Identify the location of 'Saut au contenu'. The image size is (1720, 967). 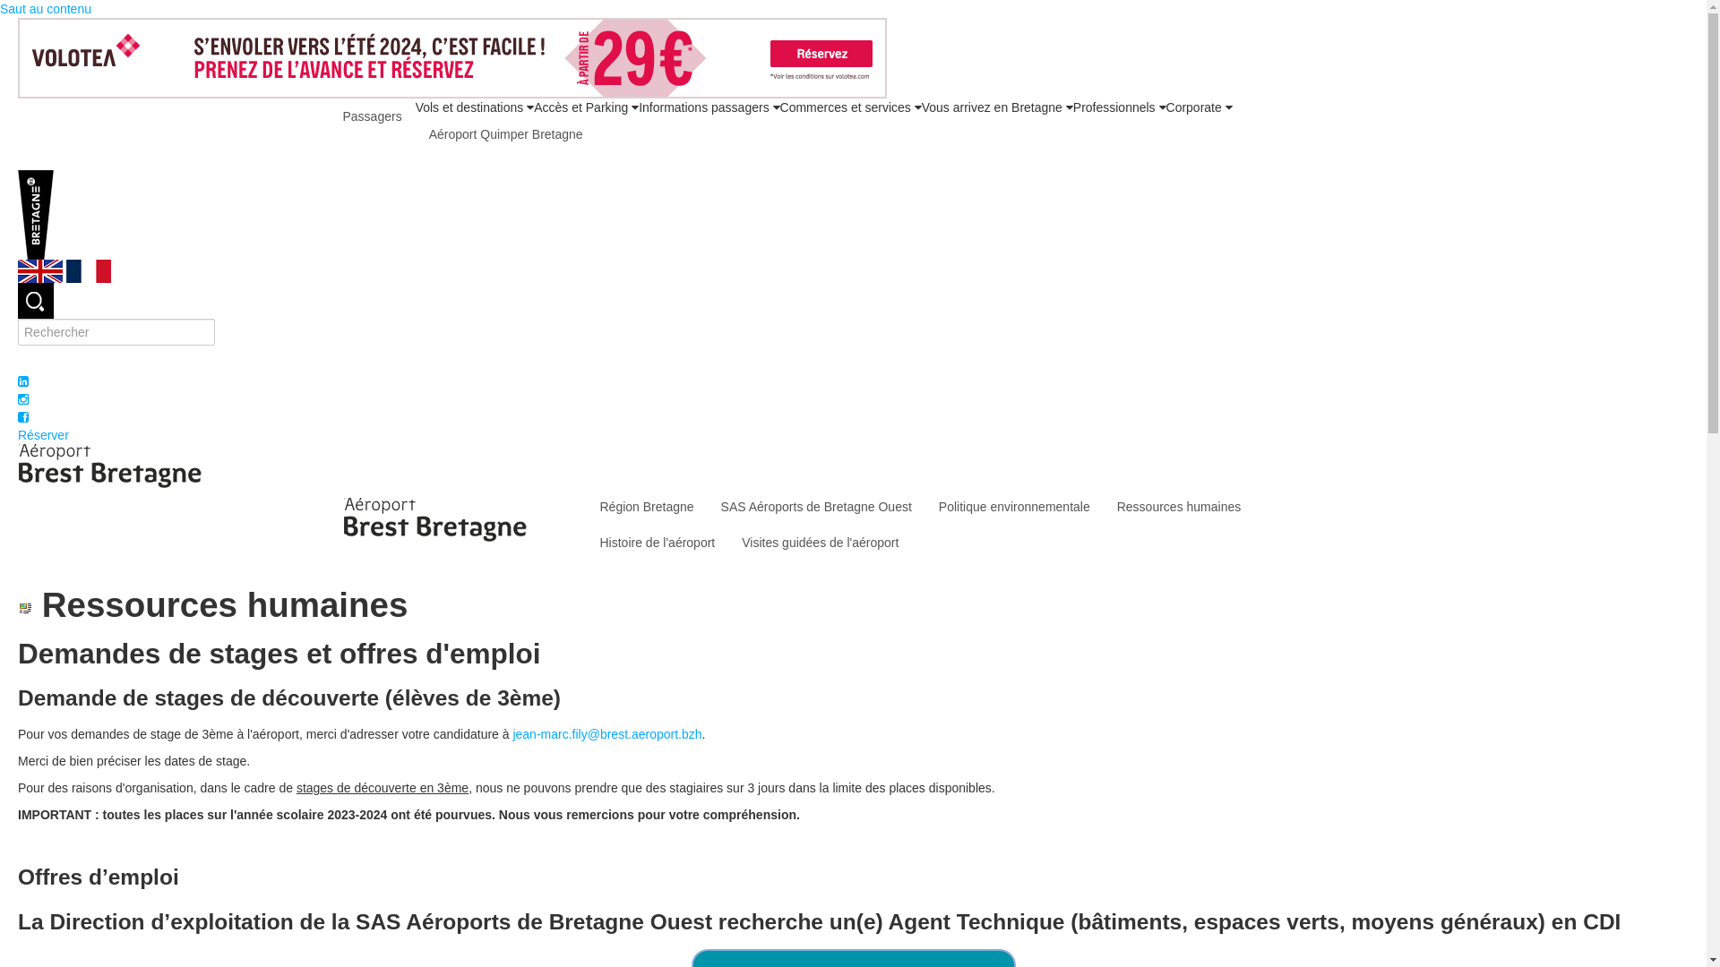
(46, 9).